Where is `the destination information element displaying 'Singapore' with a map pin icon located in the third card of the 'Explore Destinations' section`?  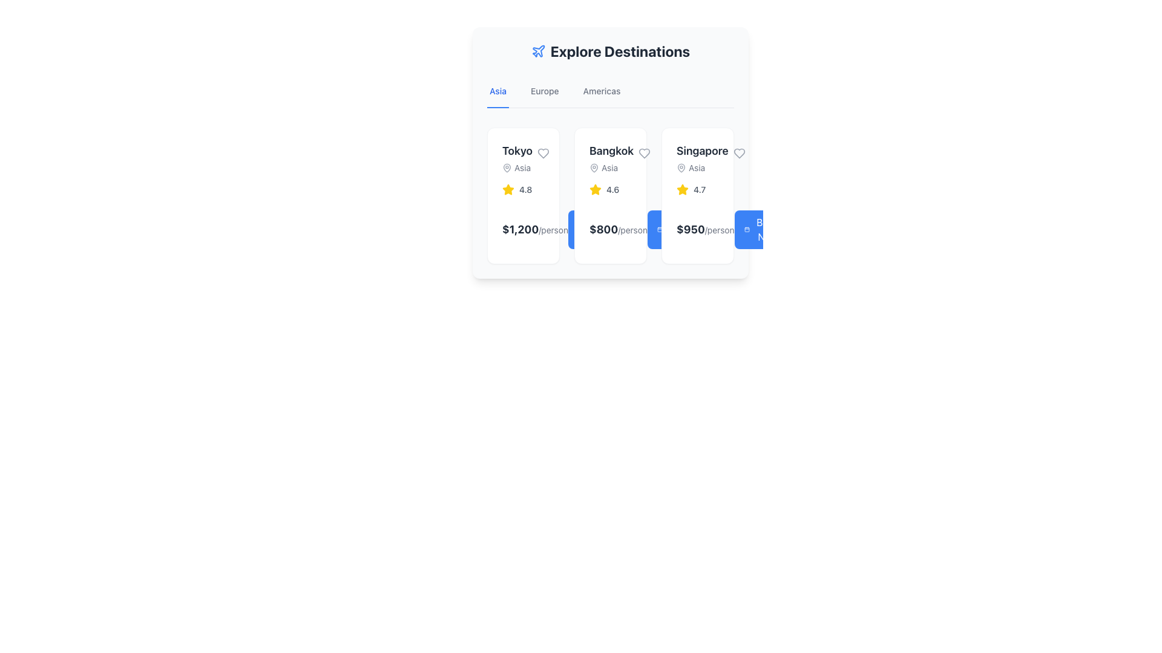 the destination information element displaying 'Singapore' with a map pin icon located in the third card of the 'Explore Destinations' section is located at coordinates (702, 158).